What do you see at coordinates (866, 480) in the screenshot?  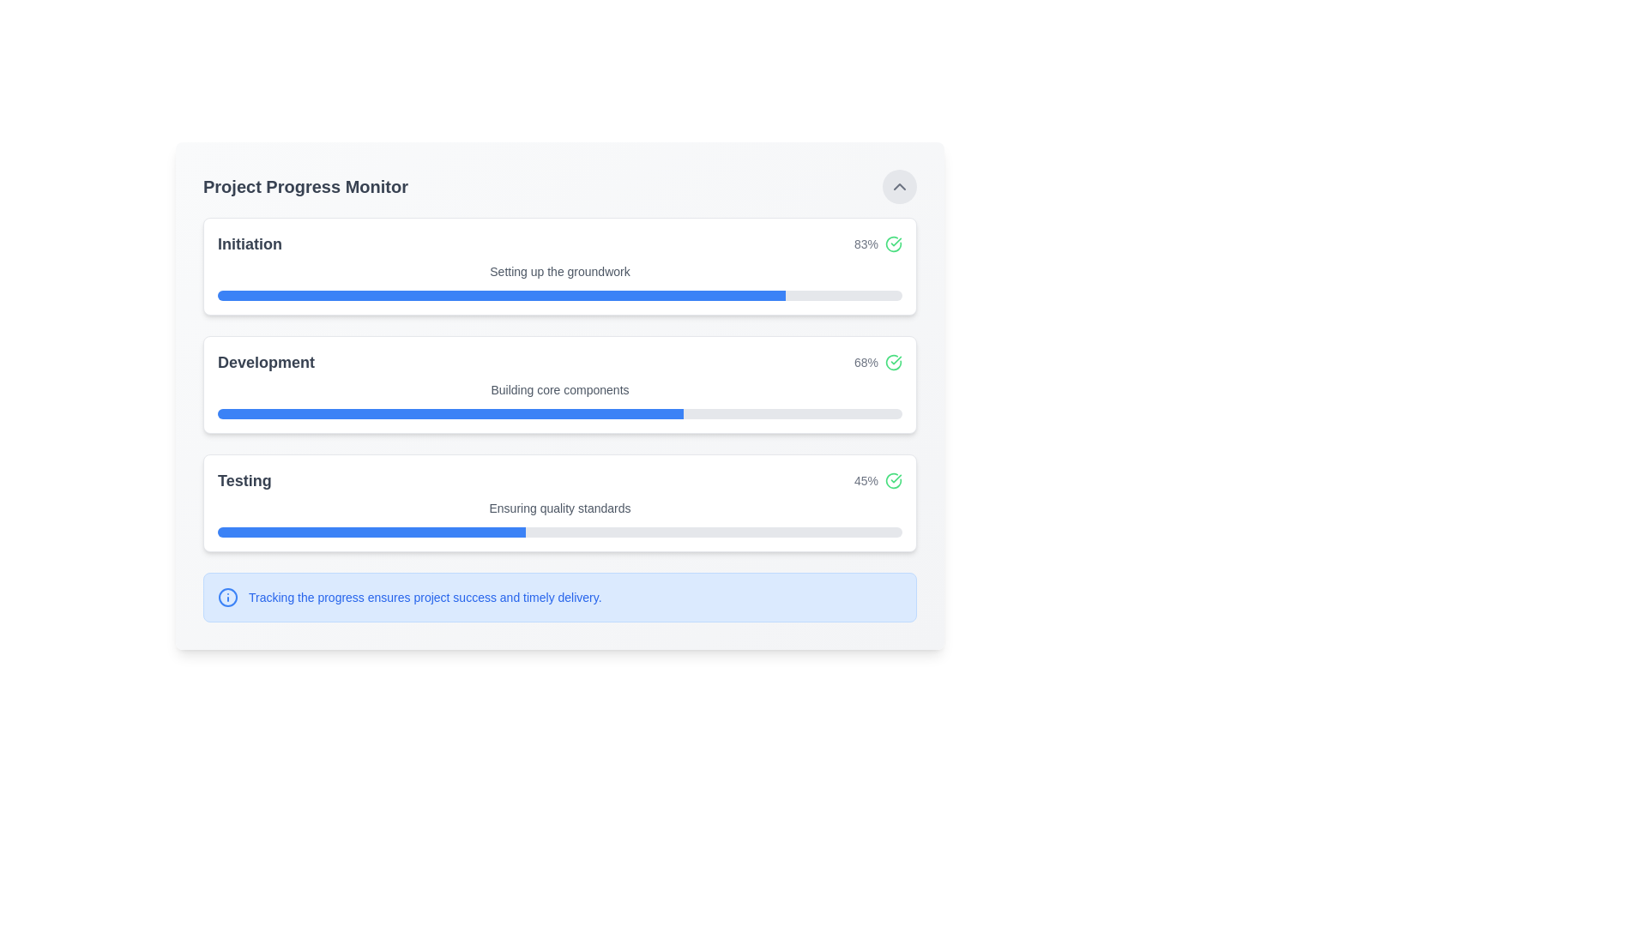 I see `the text label indicating the percentage value in the bottom row of the 'Testing' section, located to the left of the green checkmark icon` at bounding box center [866, 480].